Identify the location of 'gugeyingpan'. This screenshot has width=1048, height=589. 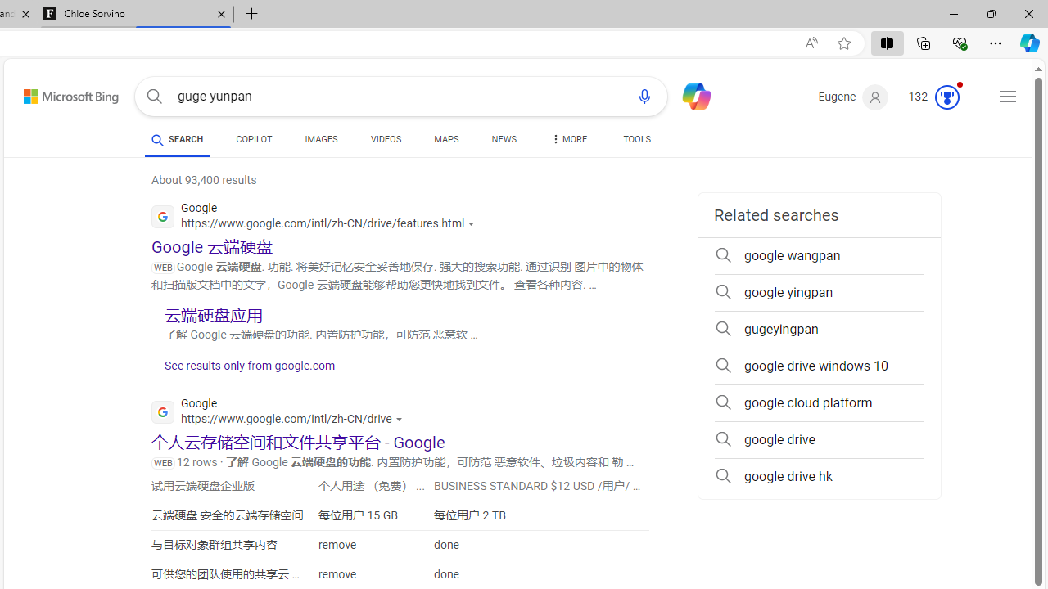
(819, 329).